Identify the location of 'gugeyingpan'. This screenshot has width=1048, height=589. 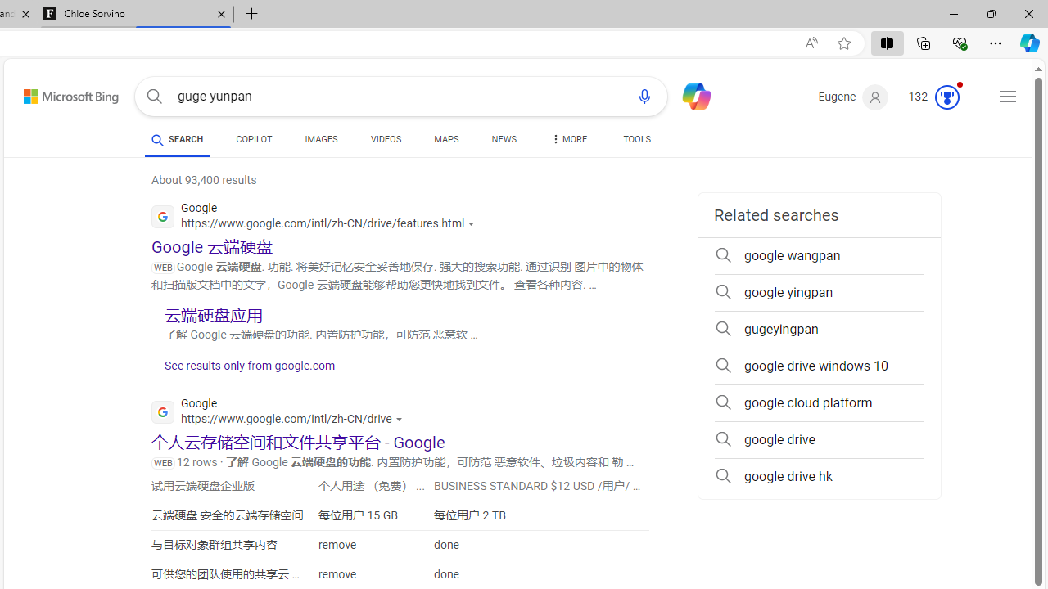
(819, 329).